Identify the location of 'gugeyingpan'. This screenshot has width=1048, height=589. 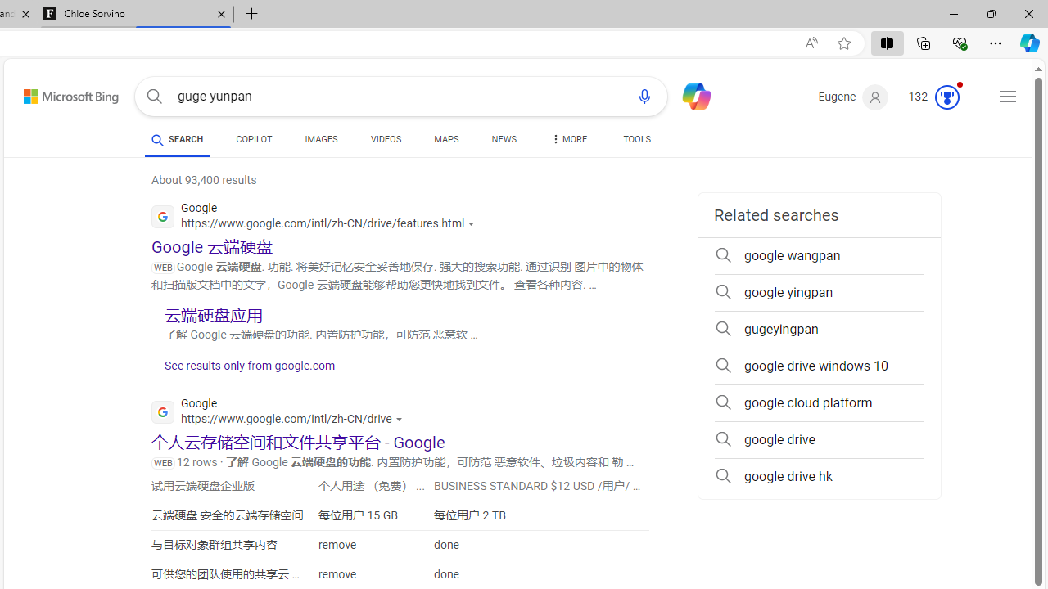
(819, 329).